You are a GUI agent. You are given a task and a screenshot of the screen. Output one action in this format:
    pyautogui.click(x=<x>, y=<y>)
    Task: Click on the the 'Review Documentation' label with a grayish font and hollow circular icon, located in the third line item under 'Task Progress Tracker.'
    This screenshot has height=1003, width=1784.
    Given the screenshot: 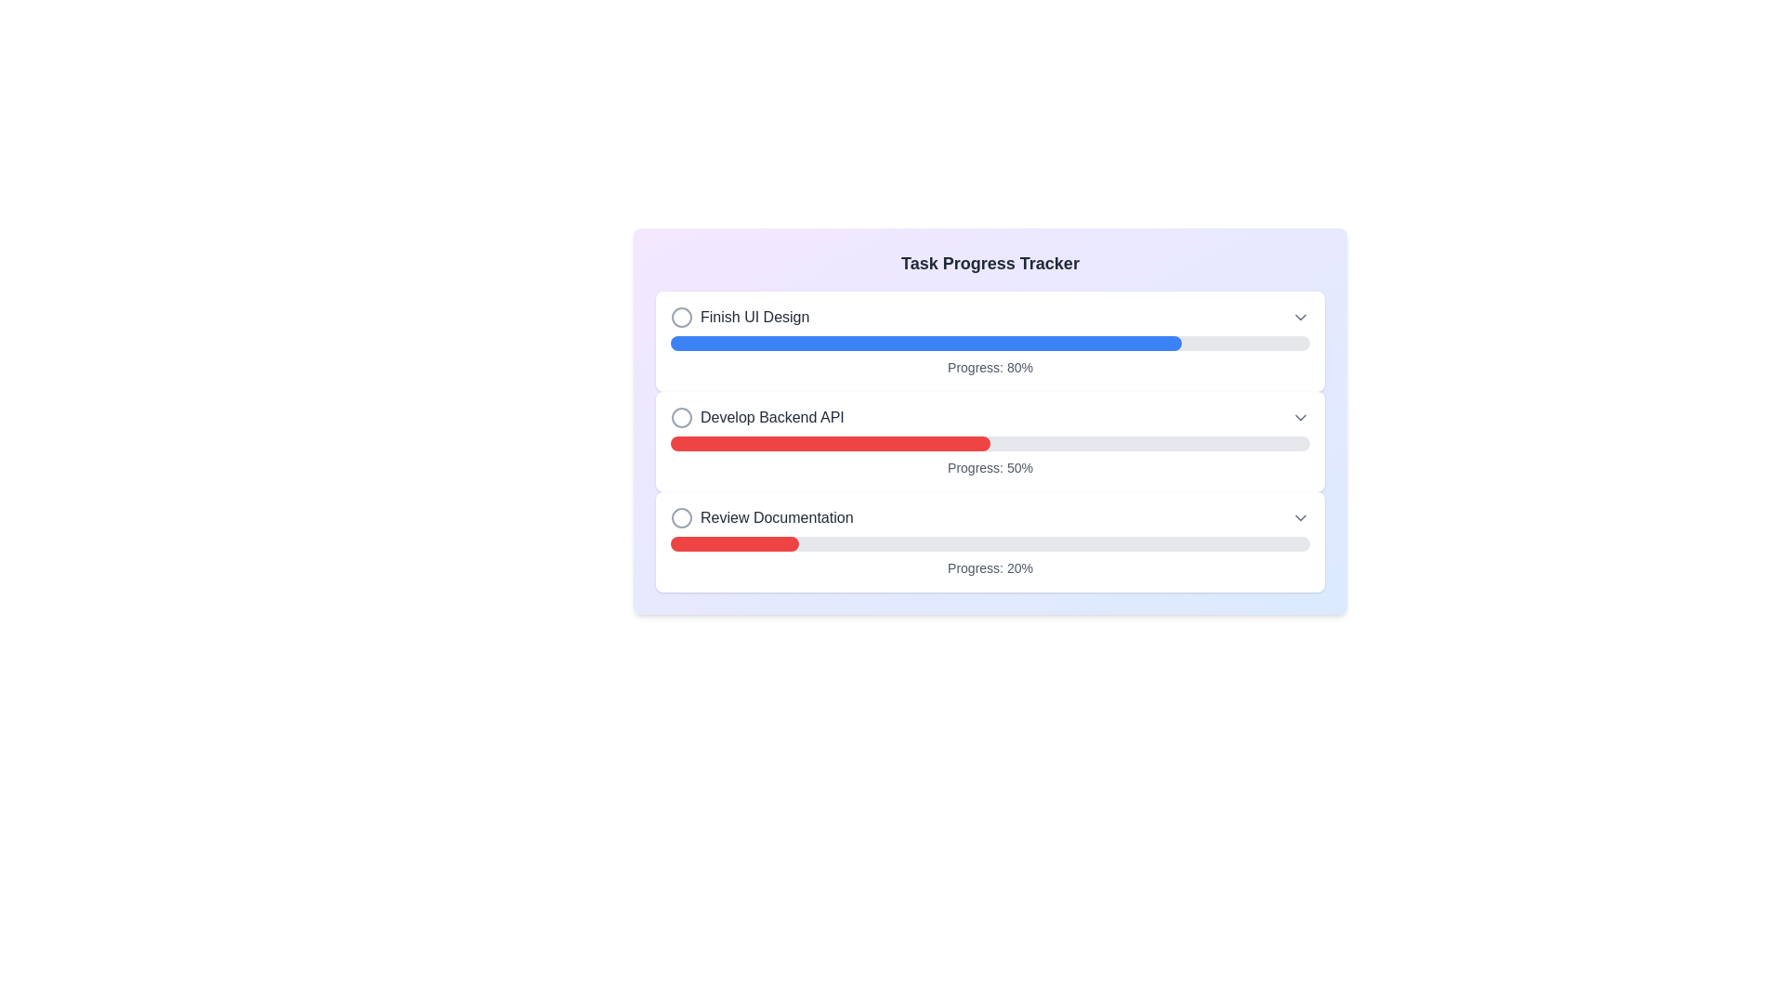 What is the action you would take?
    pyautogui.click(x=762, y=518)
    